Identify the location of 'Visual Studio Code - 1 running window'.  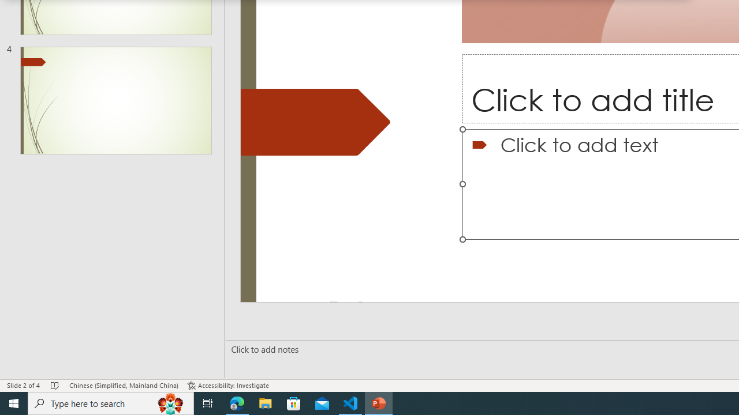
(350, 402).